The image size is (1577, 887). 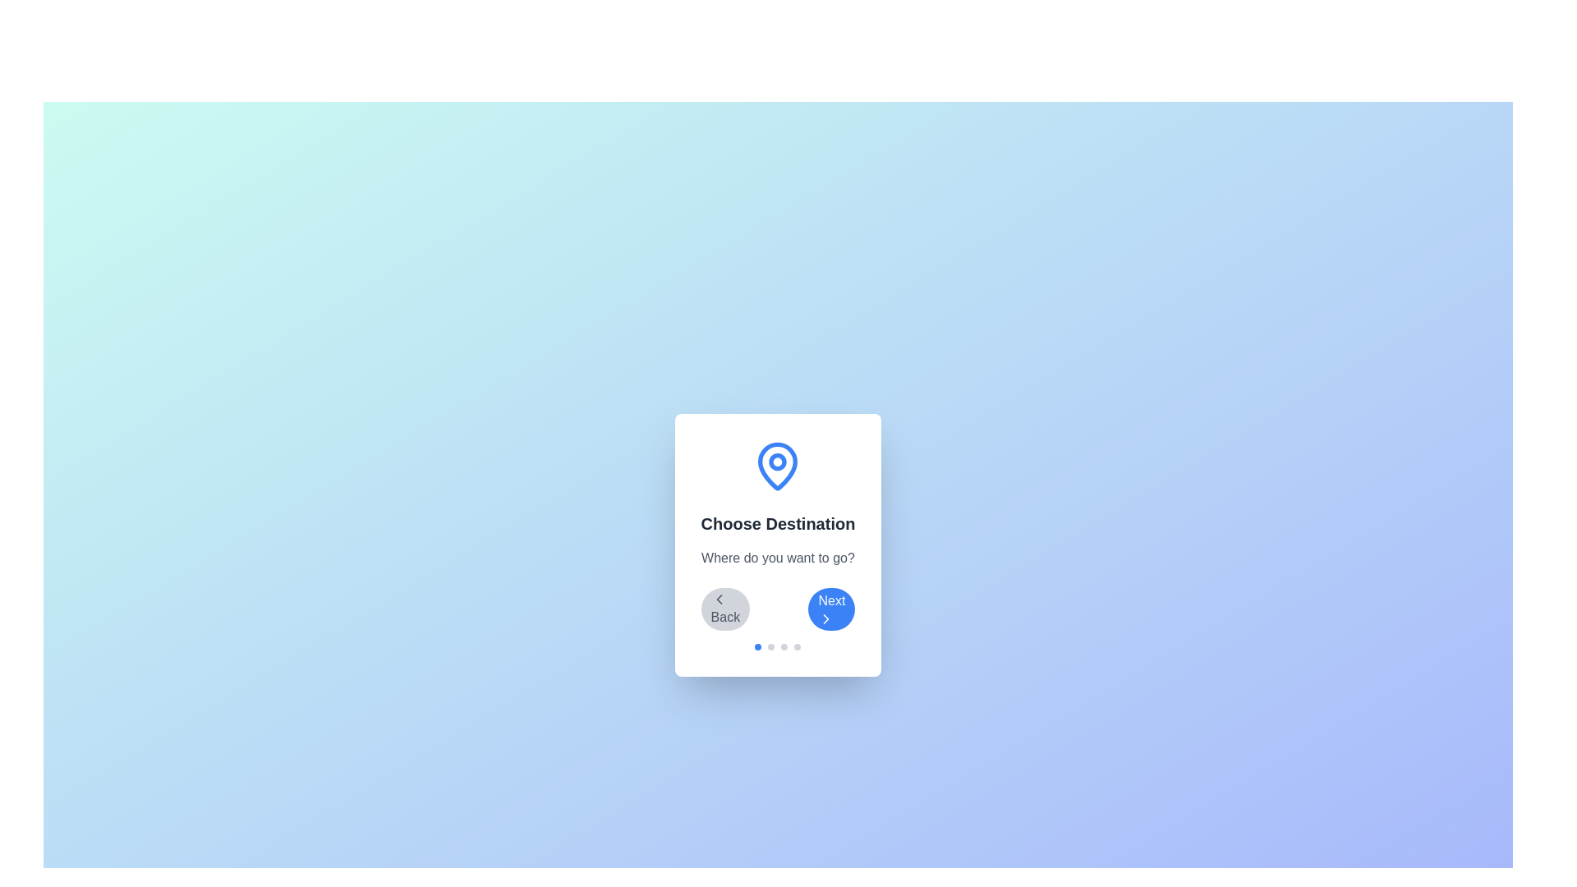 I want to click on the text 'Choose Destination' displayed in the component, so click(x=776, y=523).